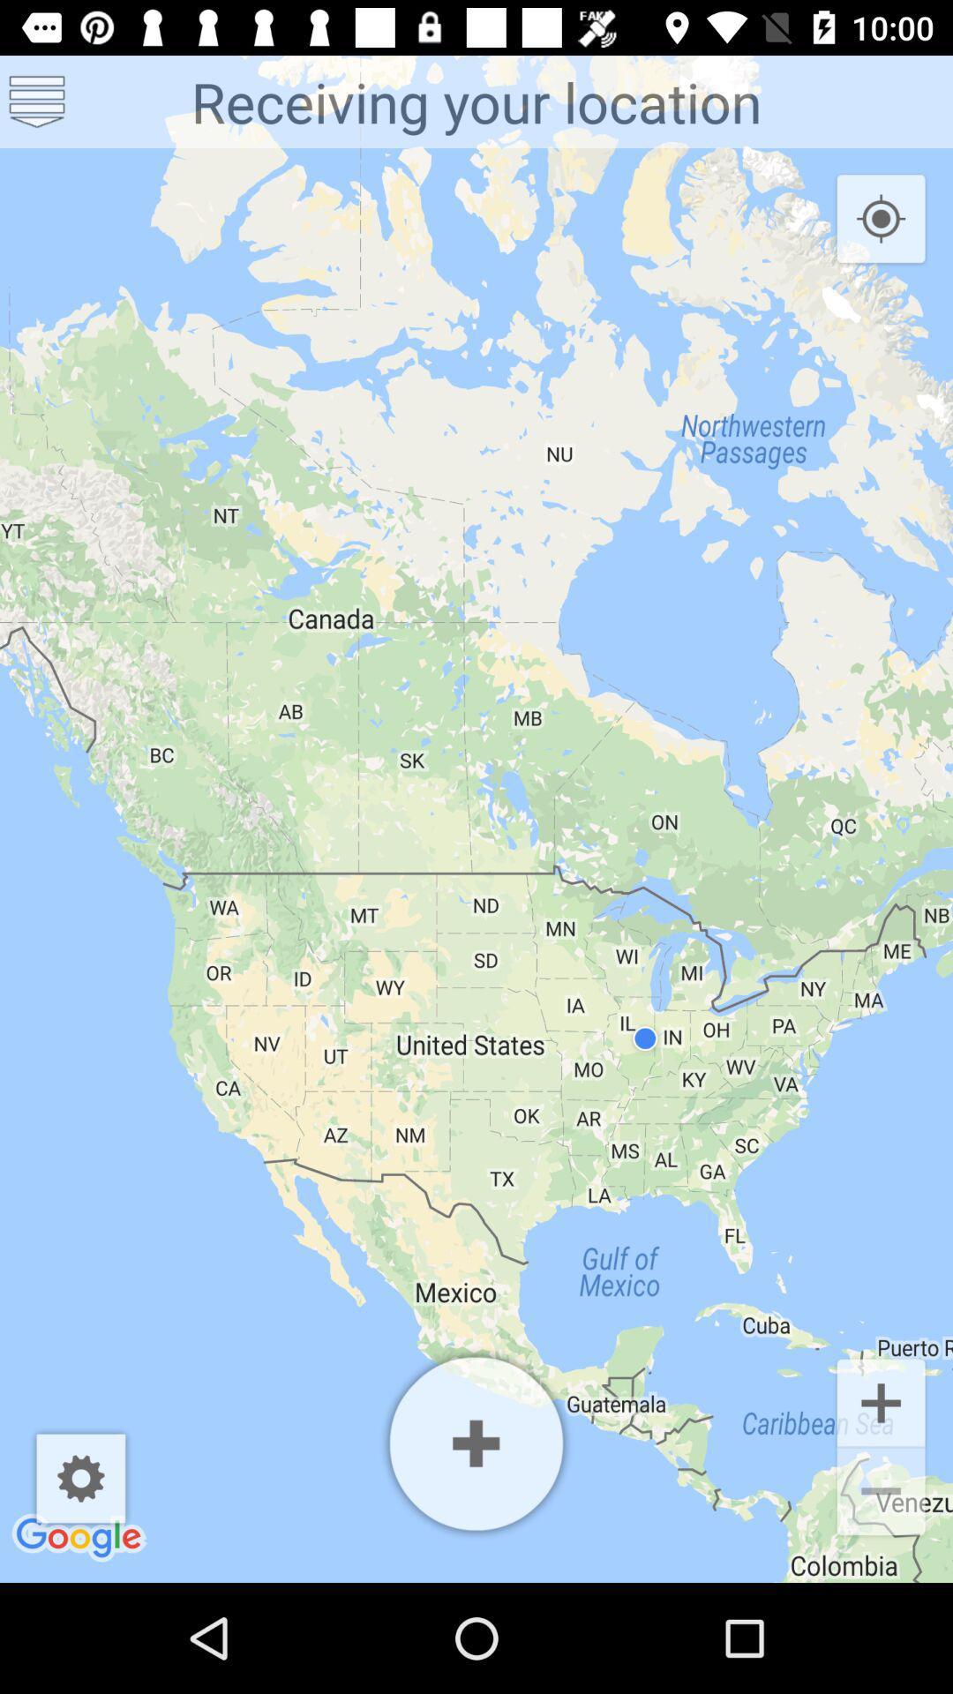  What do you see at coordinates (37, 101) in the screenshot?
I see `open the menu` at bounding box center [37, 101].